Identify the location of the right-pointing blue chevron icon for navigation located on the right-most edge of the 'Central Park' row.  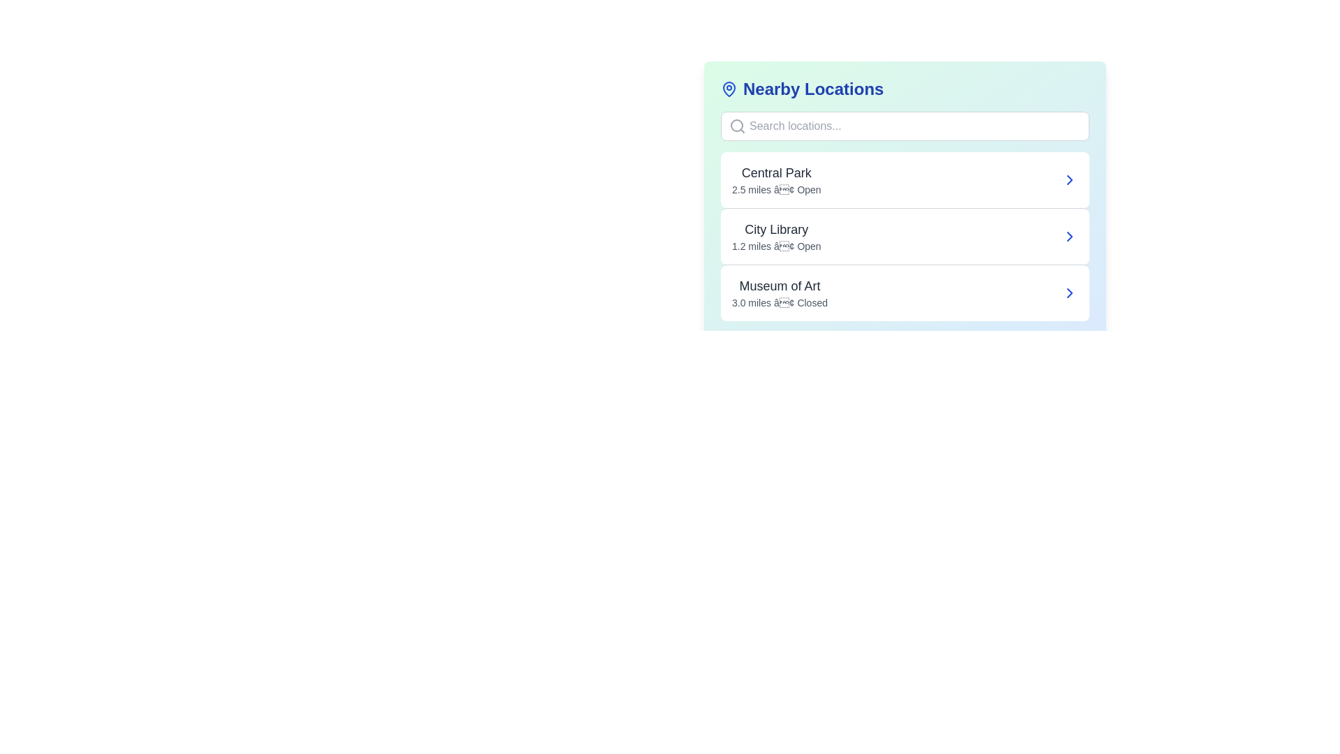
(1069, 179).